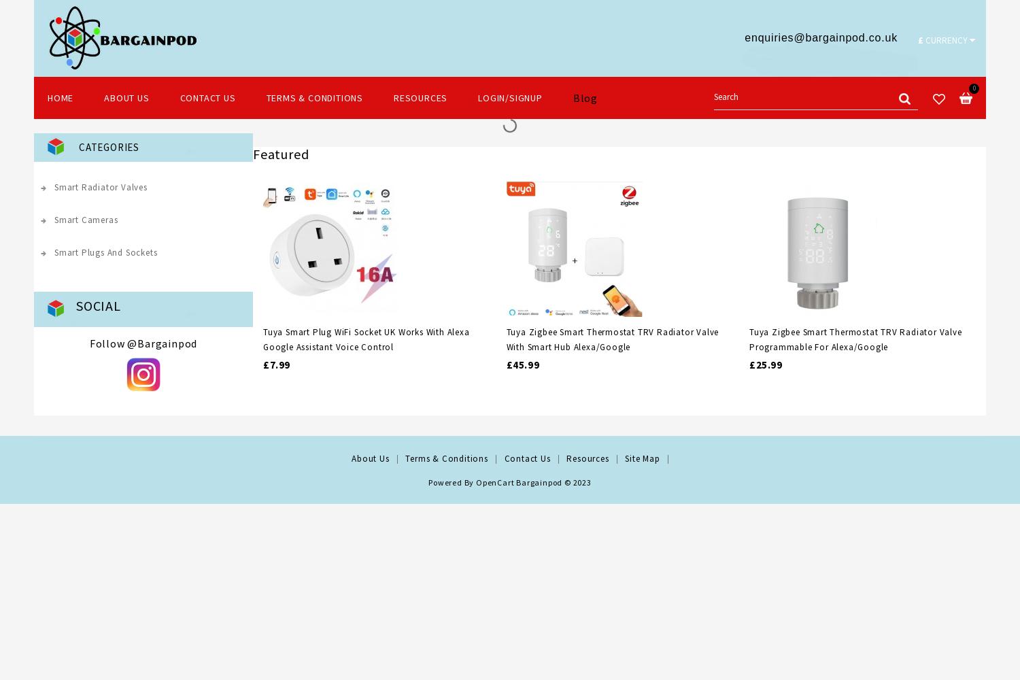 The height and width of the screenshot is (680, 1020). I want to click on 'Categories', so click(78, 146).